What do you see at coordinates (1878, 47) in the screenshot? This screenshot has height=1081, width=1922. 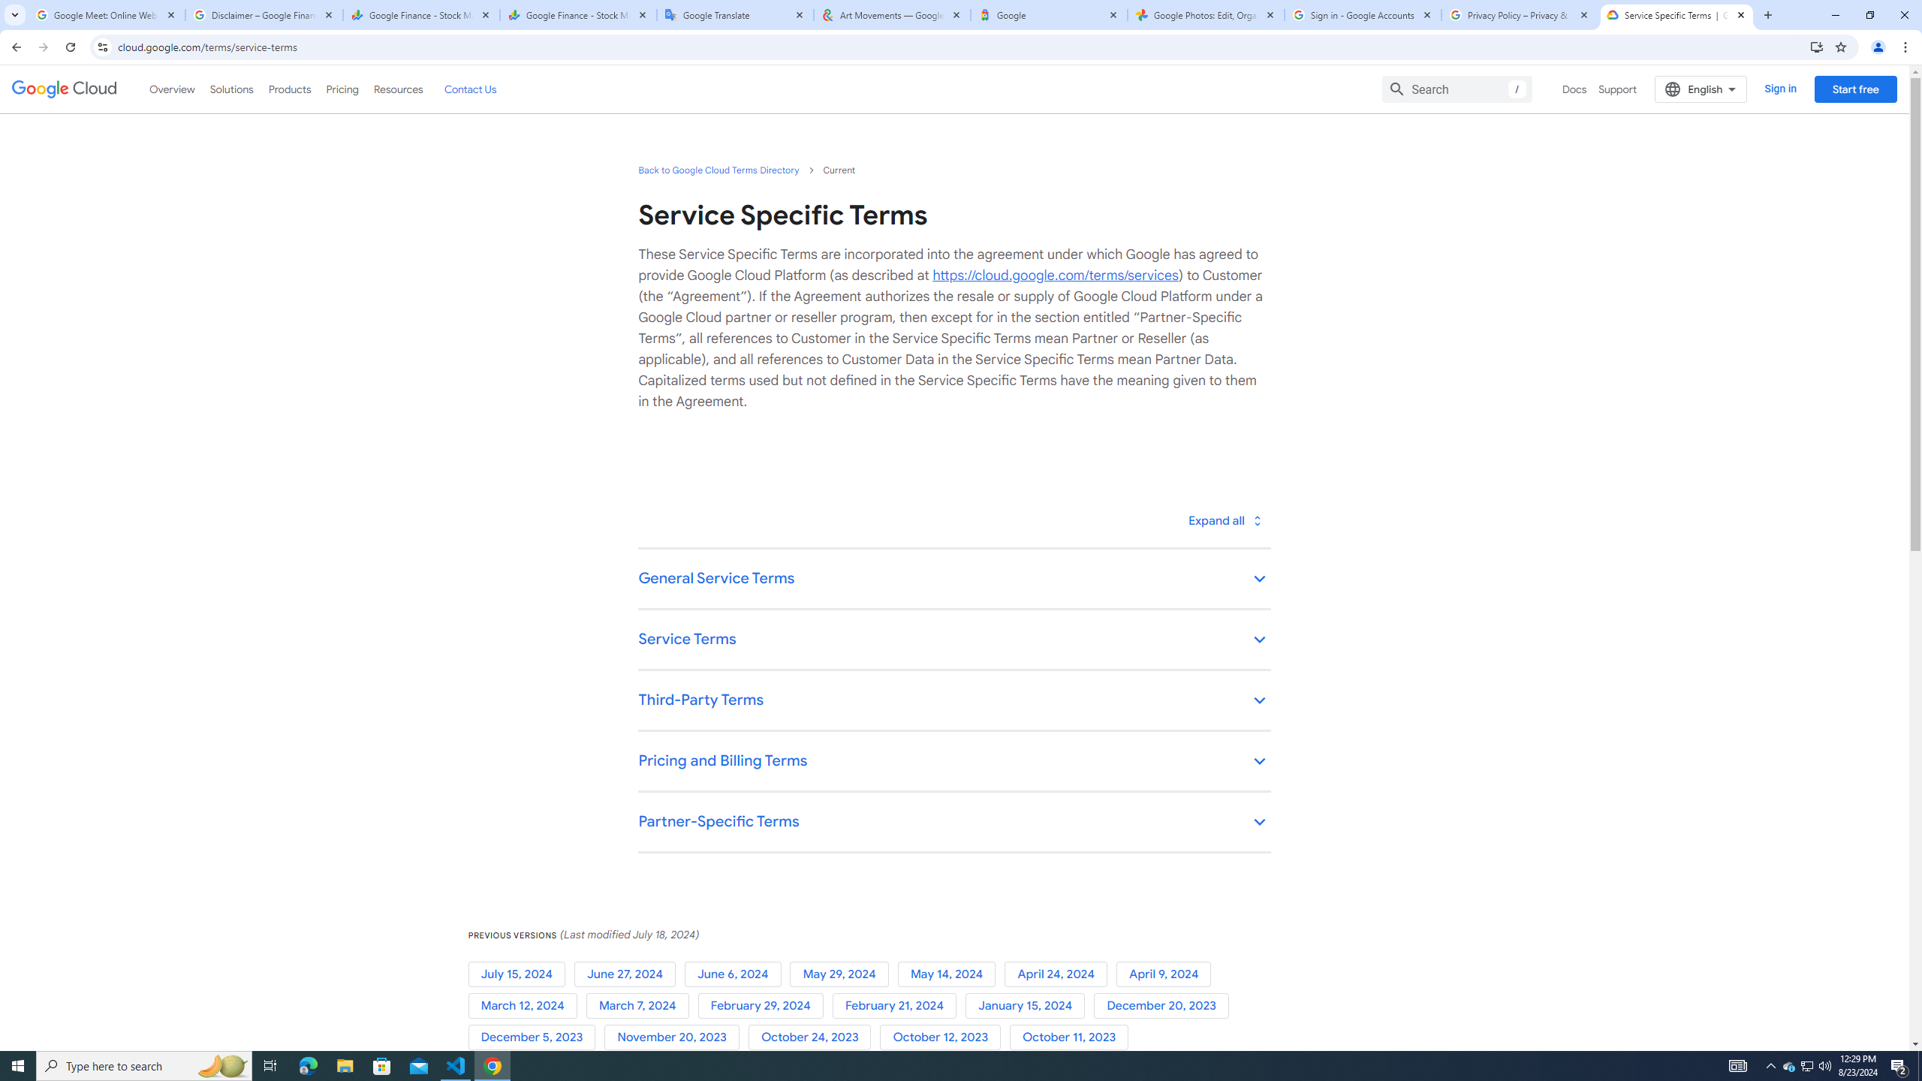 I see `'You'` at bounding box center [1878, 47].